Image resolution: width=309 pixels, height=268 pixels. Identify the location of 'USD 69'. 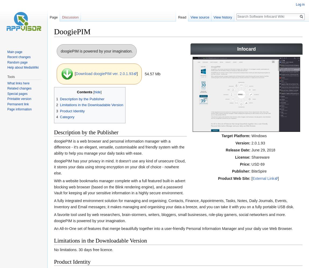
(251, 164).